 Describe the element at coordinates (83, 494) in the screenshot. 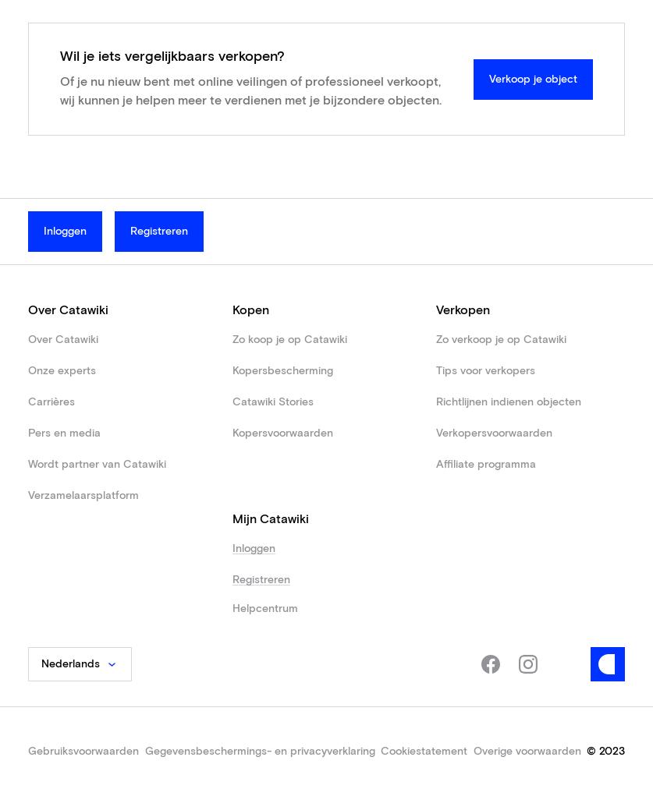

I see `'Verzamelaarsplatform'` at that location.